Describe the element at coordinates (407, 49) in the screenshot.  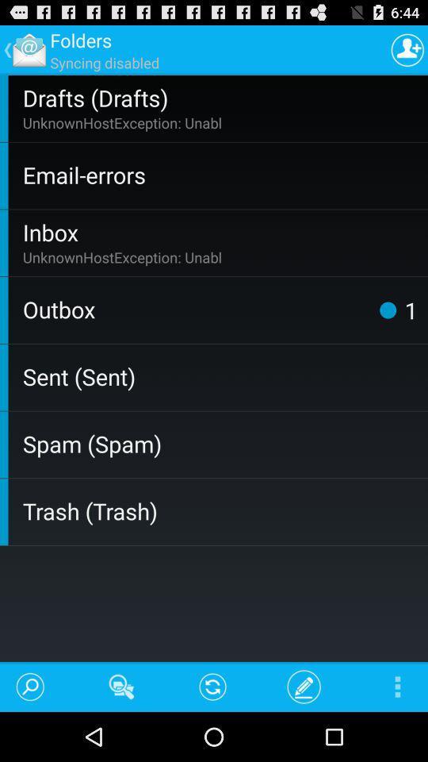
I see `item at the top right corner` at that location.